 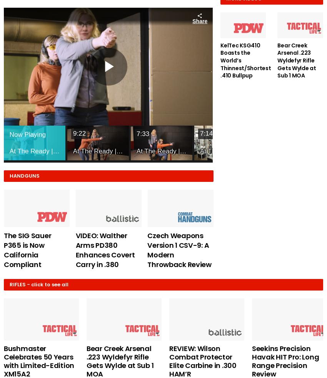 What do you see at coordinates (105, 250) in the screenshot?
I see `'VIDEO: Walther Arms PD380 Enhances Covert Carry in .380'` at bounding box center [105, 250].